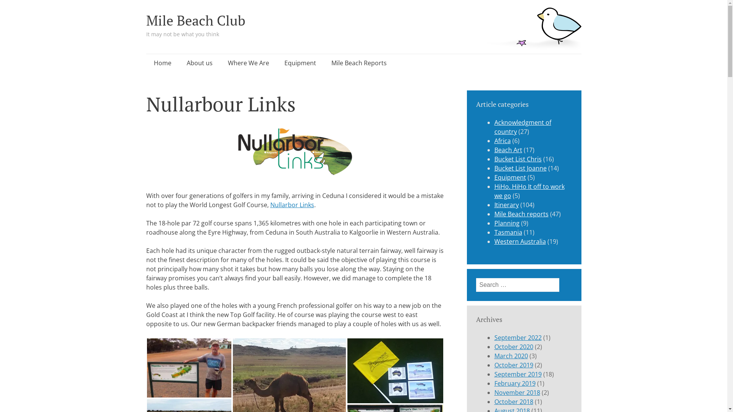  I want to click on 'February 2019', so click(515, 383).